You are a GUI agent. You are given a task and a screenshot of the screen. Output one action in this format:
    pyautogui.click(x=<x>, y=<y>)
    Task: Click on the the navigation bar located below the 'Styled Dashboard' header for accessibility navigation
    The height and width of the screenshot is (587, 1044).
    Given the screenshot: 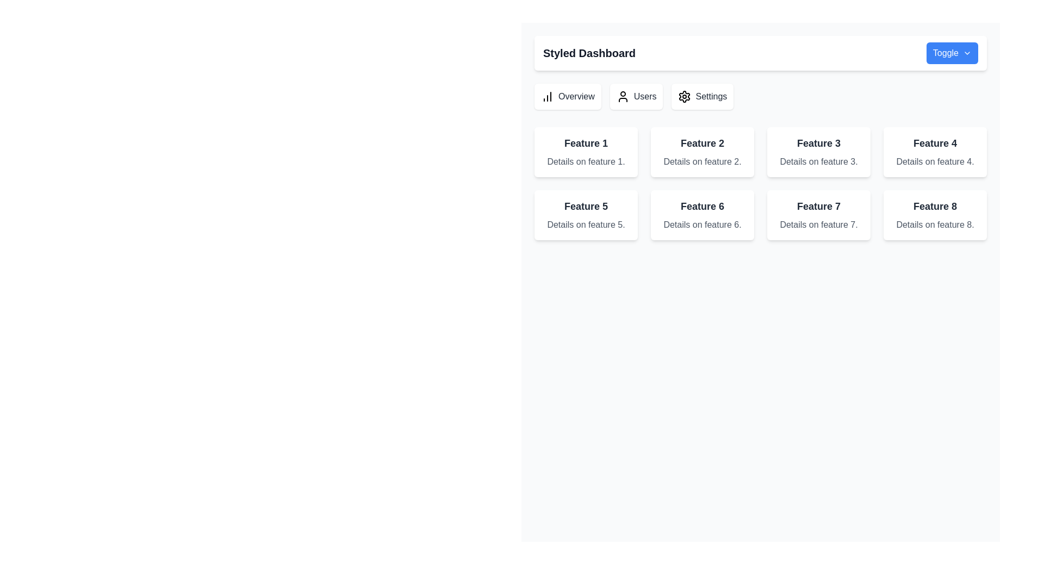 What is the action you would take?
    pyautogui.click(x=760, y=96)
    